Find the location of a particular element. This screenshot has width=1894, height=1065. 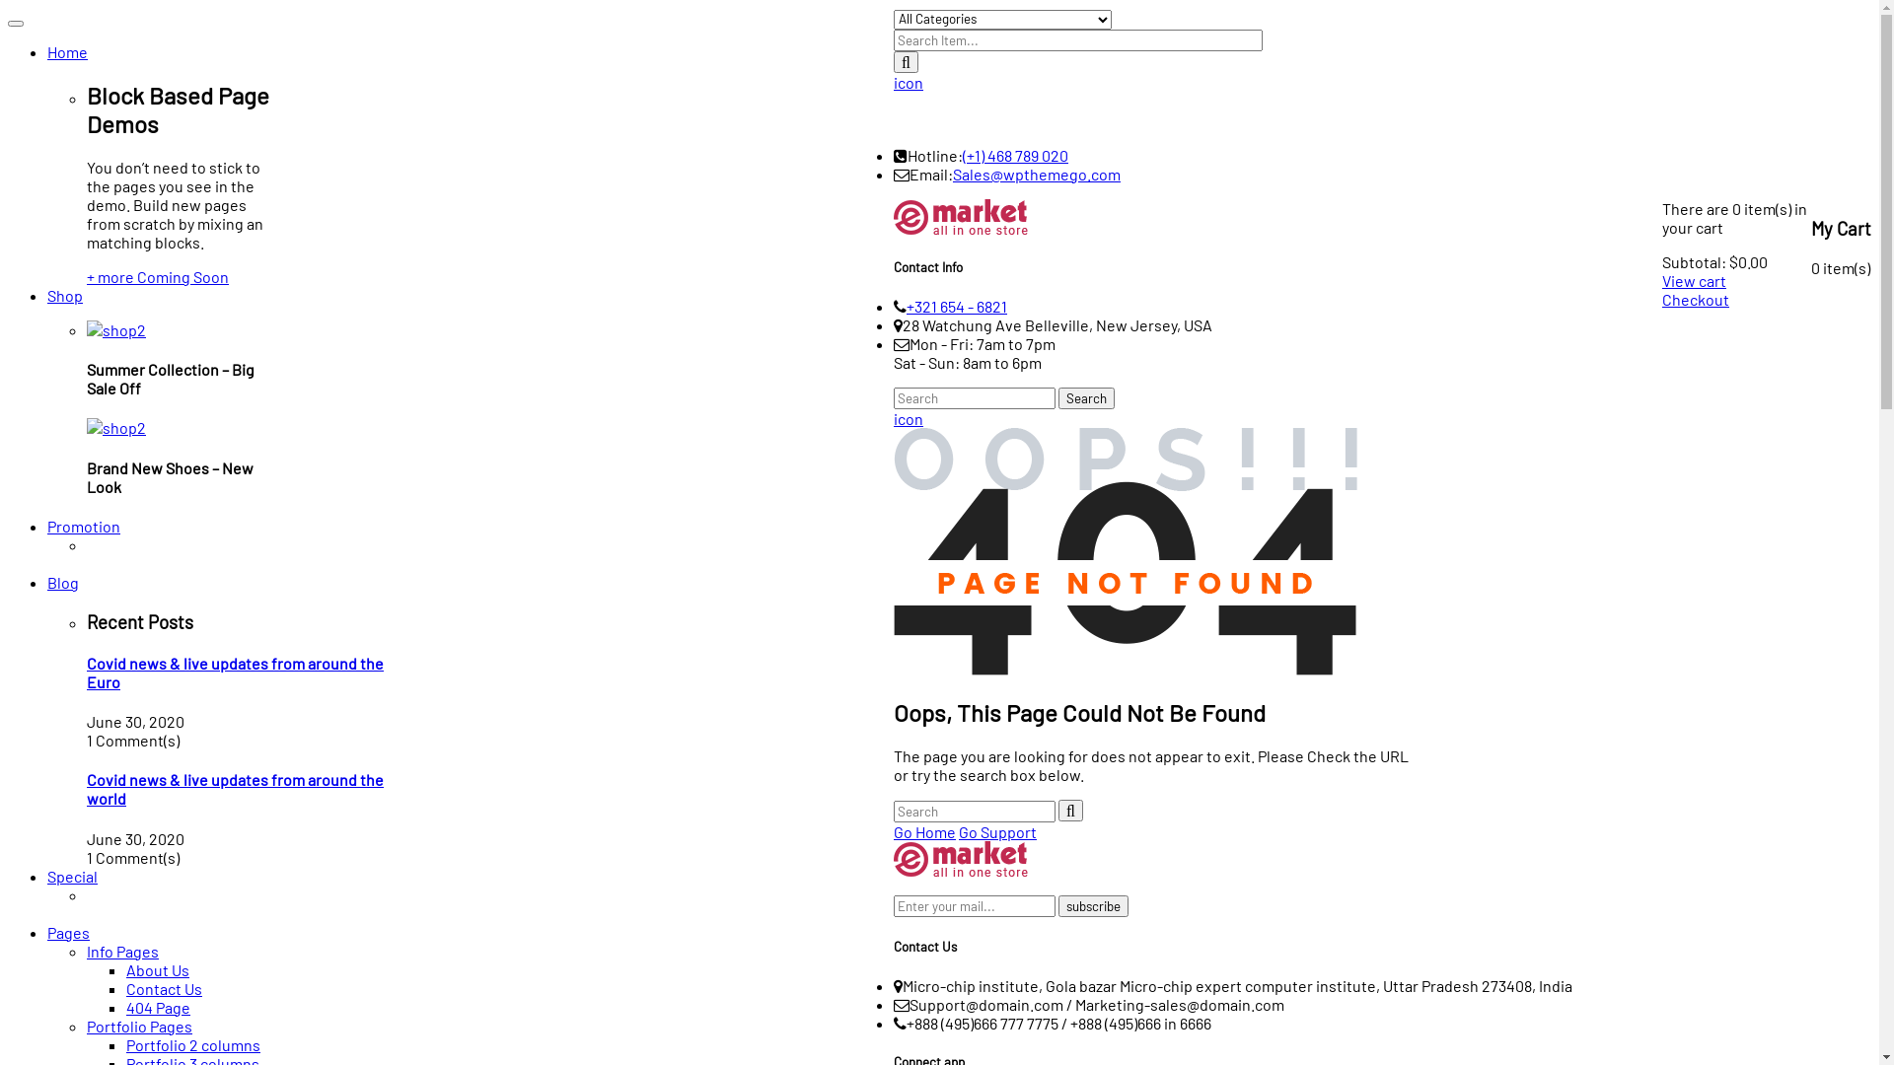

'Go Support' is located at coordinates (958, 831).